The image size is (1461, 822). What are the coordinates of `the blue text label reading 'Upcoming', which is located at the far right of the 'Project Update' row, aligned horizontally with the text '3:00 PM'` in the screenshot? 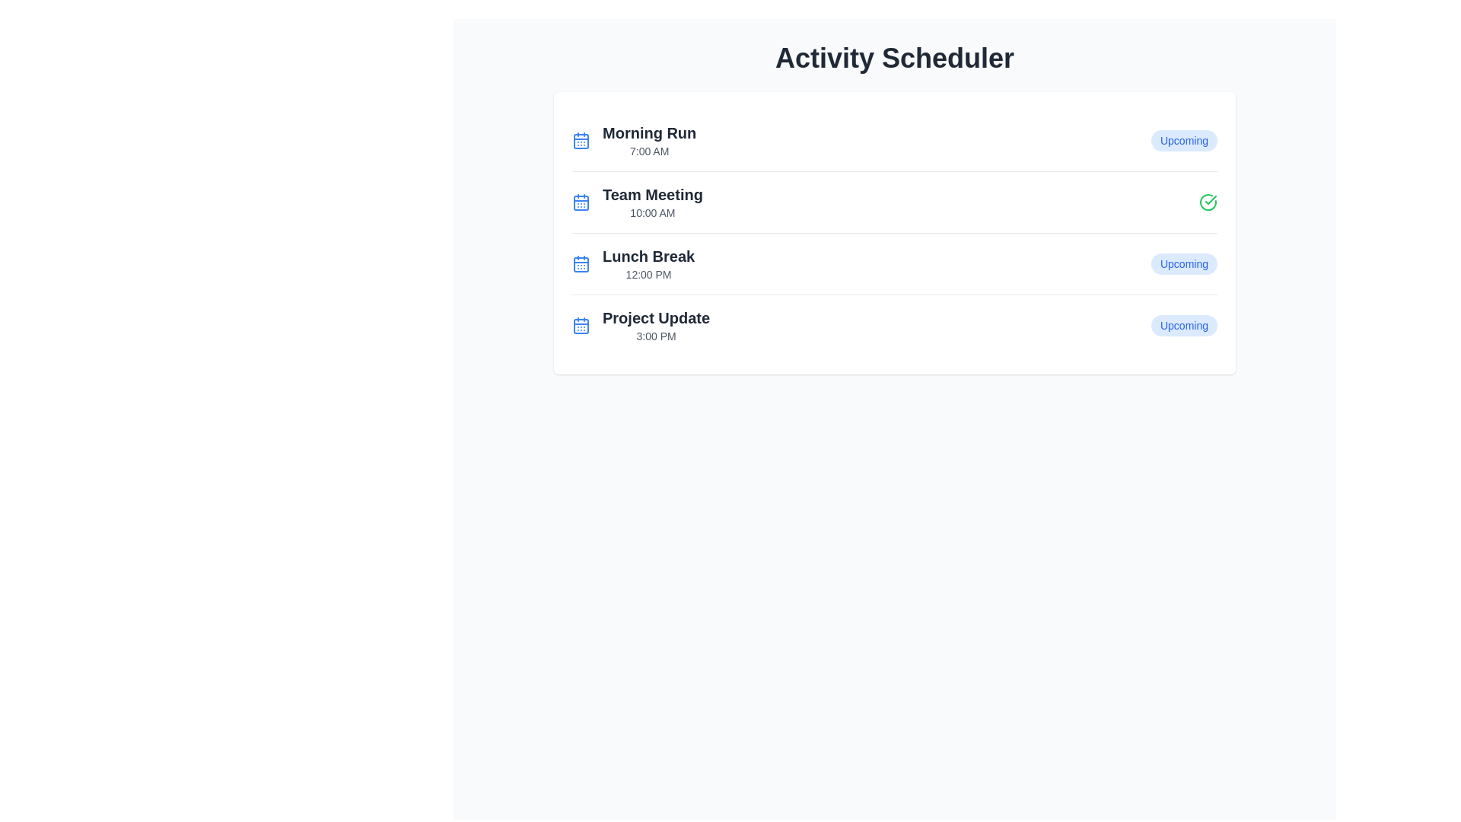 It's located at (1183, 325).